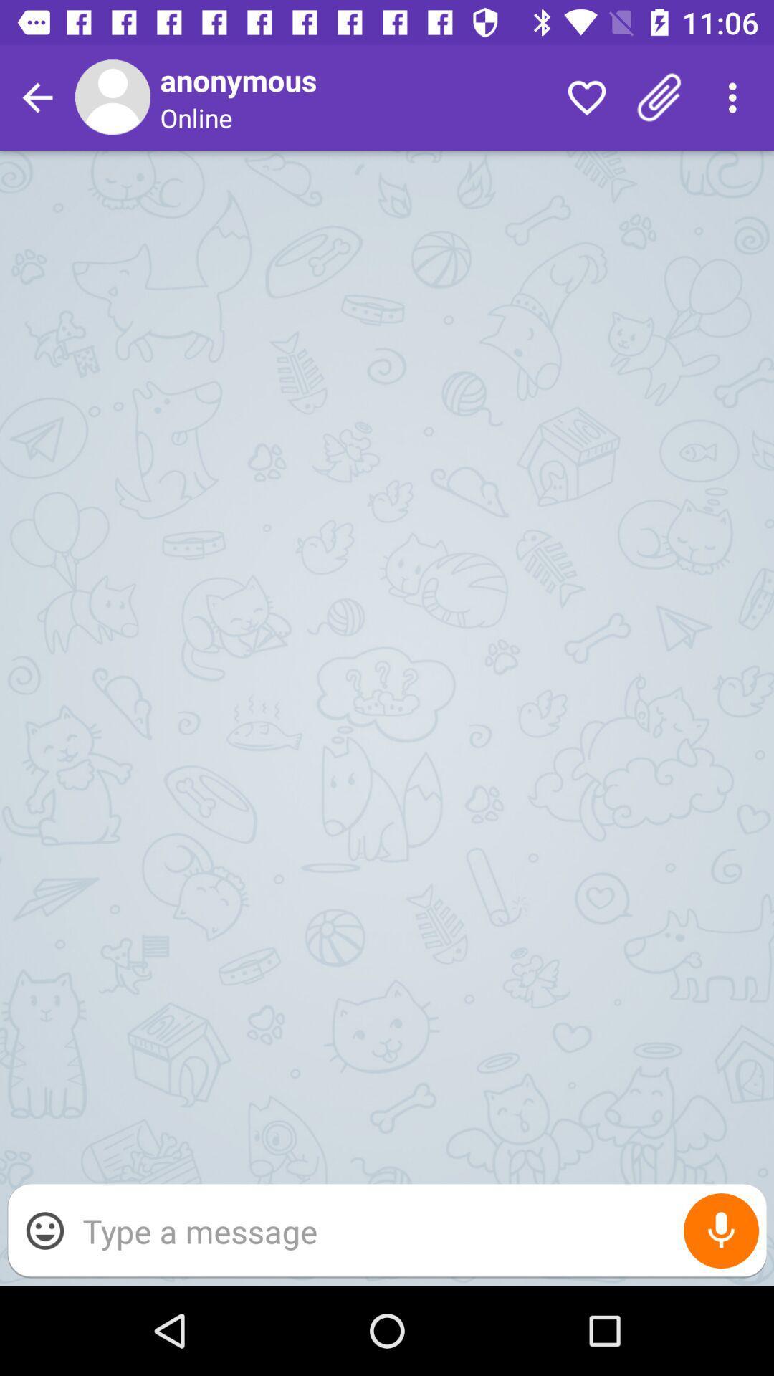 The height and width of the screenshot is (1376, 774). I want to click on the icon at the bottom left corner, so click(44, 1230).